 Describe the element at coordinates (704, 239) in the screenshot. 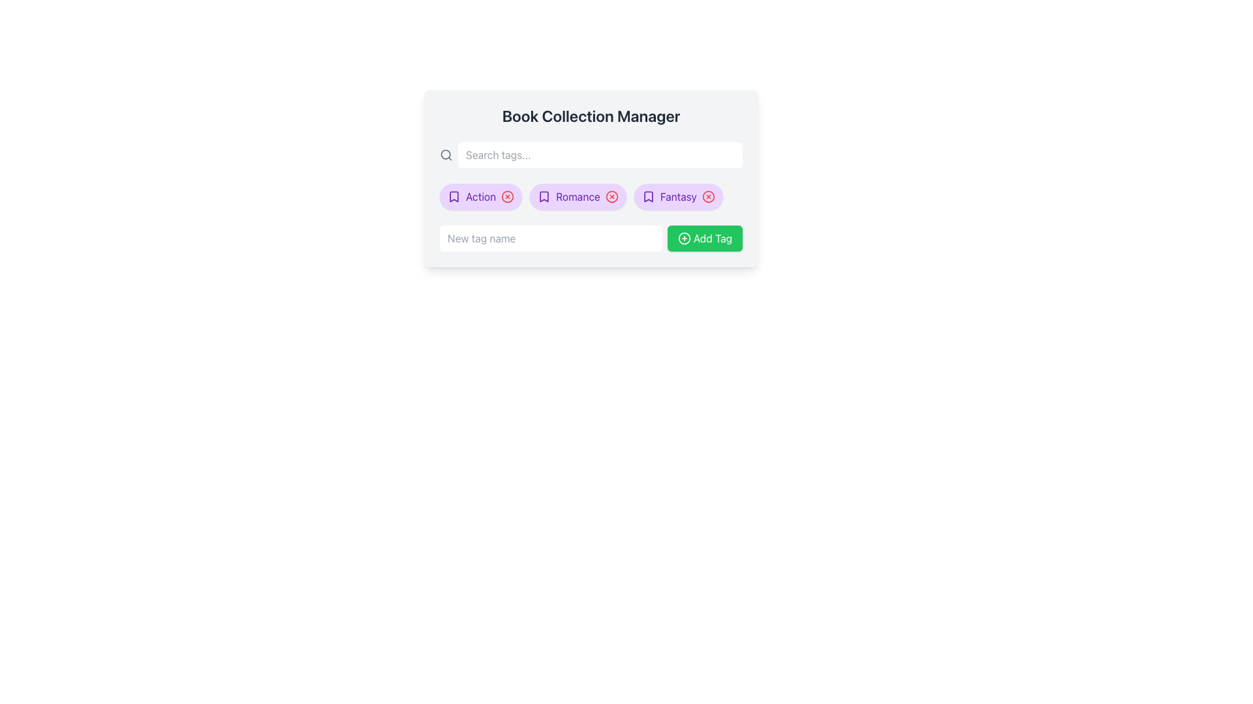

I see `the 'Add Tag' button, which has a green background, rounded edges, and a white icon with text, to change its shade` at that location.